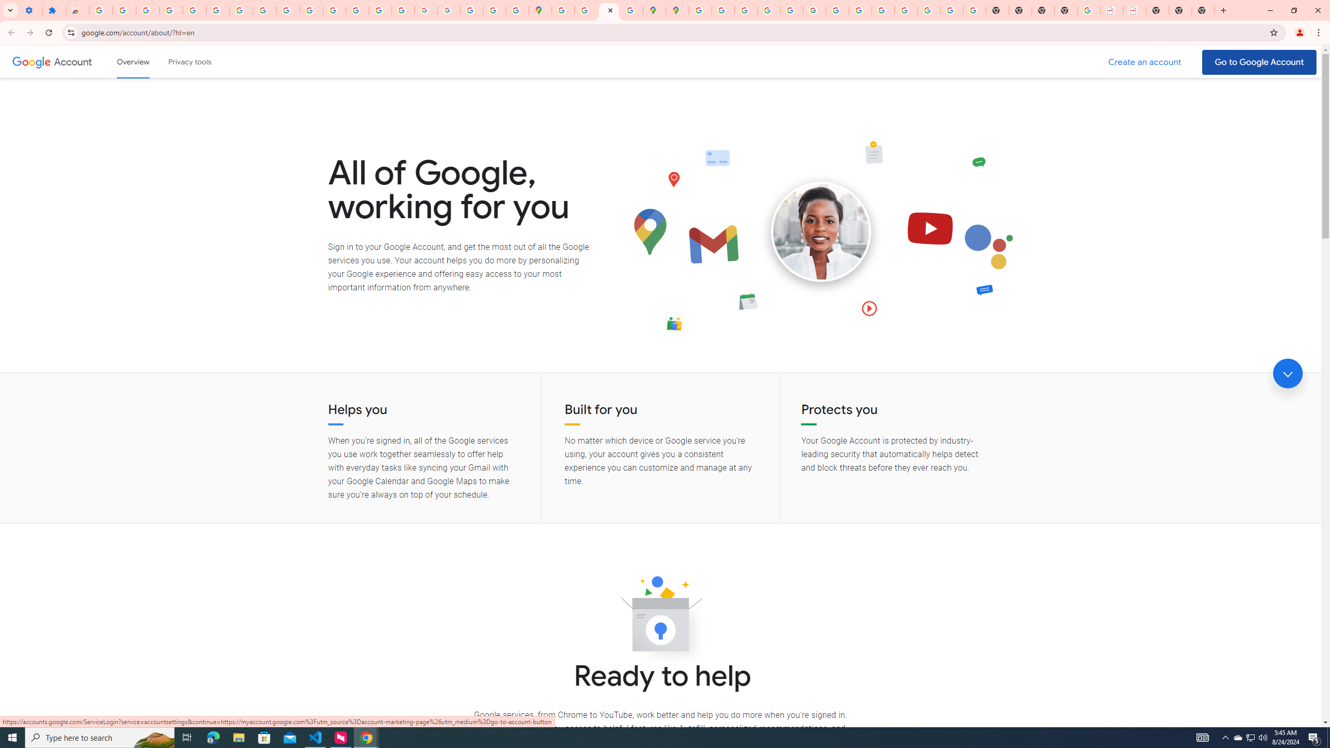 This screenshot has width=1330, height=748. What do you see at coordinates (100, 10) in the screenshot?
I see `'Sign in - Google Accounts'` at bounding box center [100, 10].